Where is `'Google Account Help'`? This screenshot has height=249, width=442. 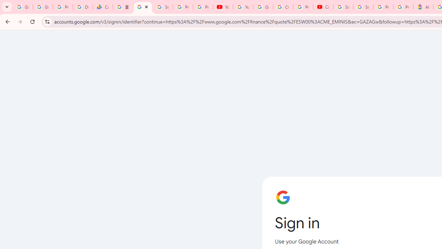
'Google Account Help' is located at coordinates (263, 7).